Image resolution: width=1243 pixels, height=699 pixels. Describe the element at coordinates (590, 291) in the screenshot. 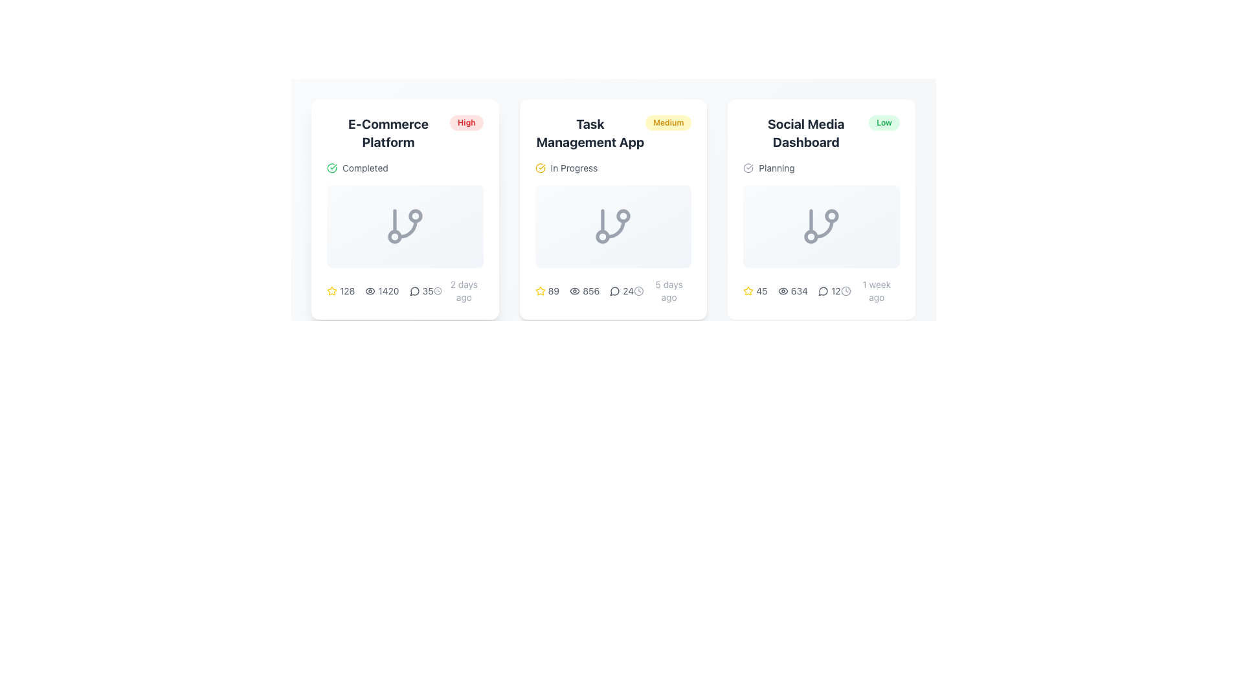

I see `the metric display showing '856' that is located to the right of an eye icon within the 'Task Management App' card` at that location.